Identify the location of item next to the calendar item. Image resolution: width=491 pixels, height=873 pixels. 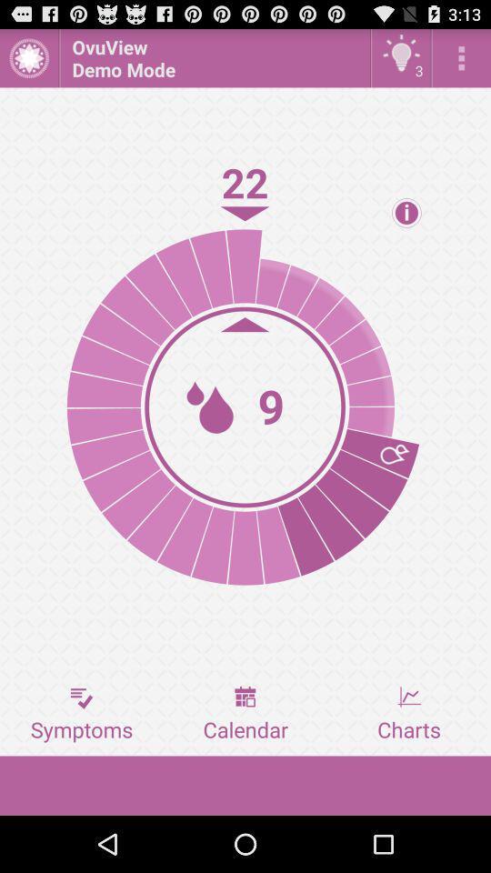
(408, 714).